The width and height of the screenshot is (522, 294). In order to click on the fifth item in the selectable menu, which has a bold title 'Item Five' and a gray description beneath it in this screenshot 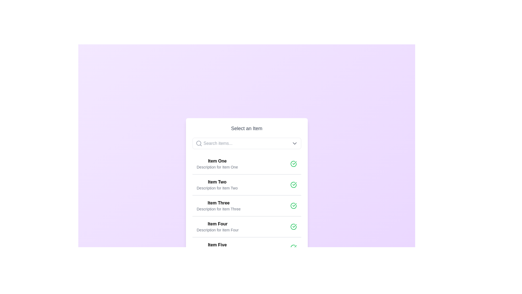, I will do `click(217, 248)`.